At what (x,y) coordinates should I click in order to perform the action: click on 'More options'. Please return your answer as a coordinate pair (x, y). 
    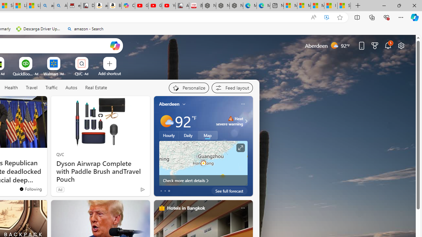
    Looking at the image, I should click on (242, 208).